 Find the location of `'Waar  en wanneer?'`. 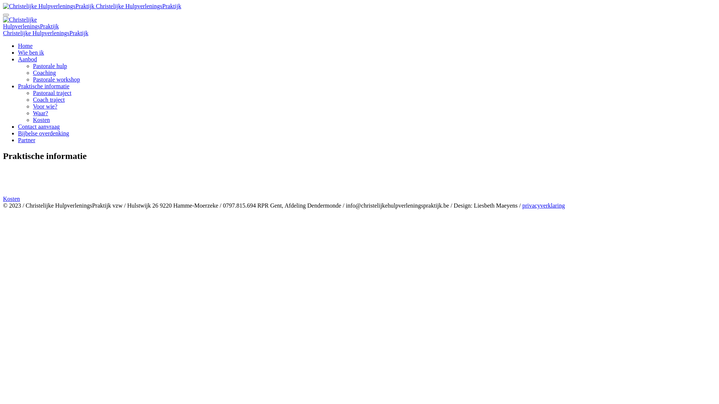

'Waar  en wanneer?' is located at coordinates (3, 192).